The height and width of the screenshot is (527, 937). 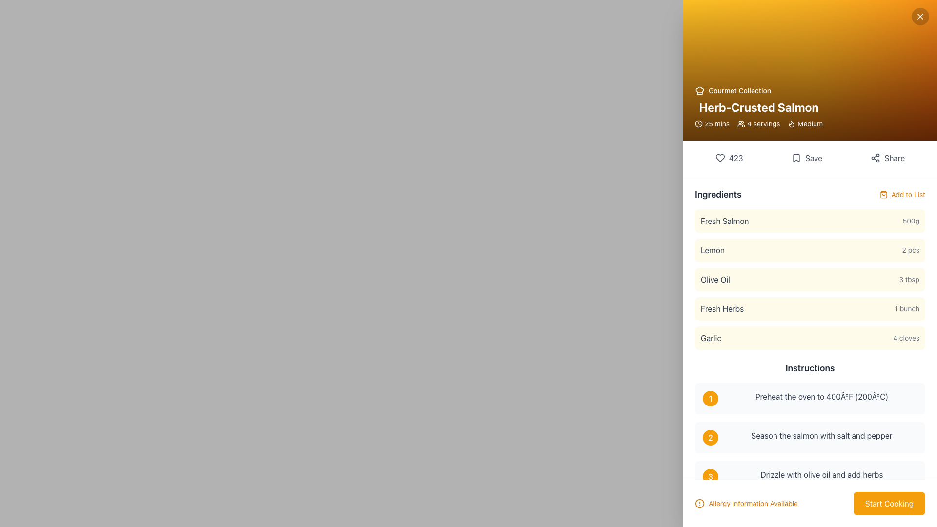 What do you see at coordinates (698, 123) in the screenshot?
I see `the small circular clock icon located to the left of the '25 mins' text in the metadata display for the recipe` at bounding box center [698, 123].